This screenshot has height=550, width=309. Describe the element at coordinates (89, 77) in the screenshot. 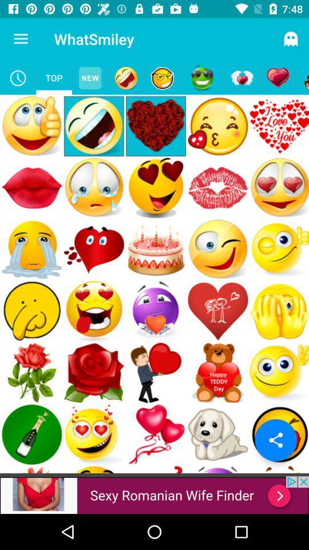

I see `new option` at that location.